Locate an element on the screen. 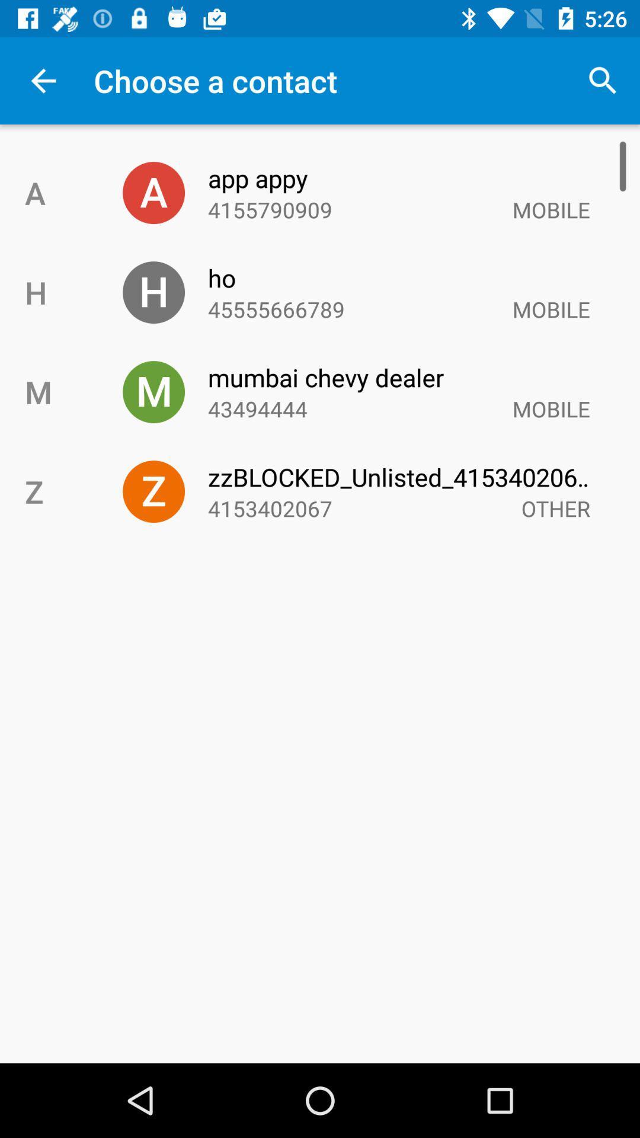 The height and width of the screenshot is (1138, 640). the icon to the right of choose a contact icon is located at coordinates (603, 80).